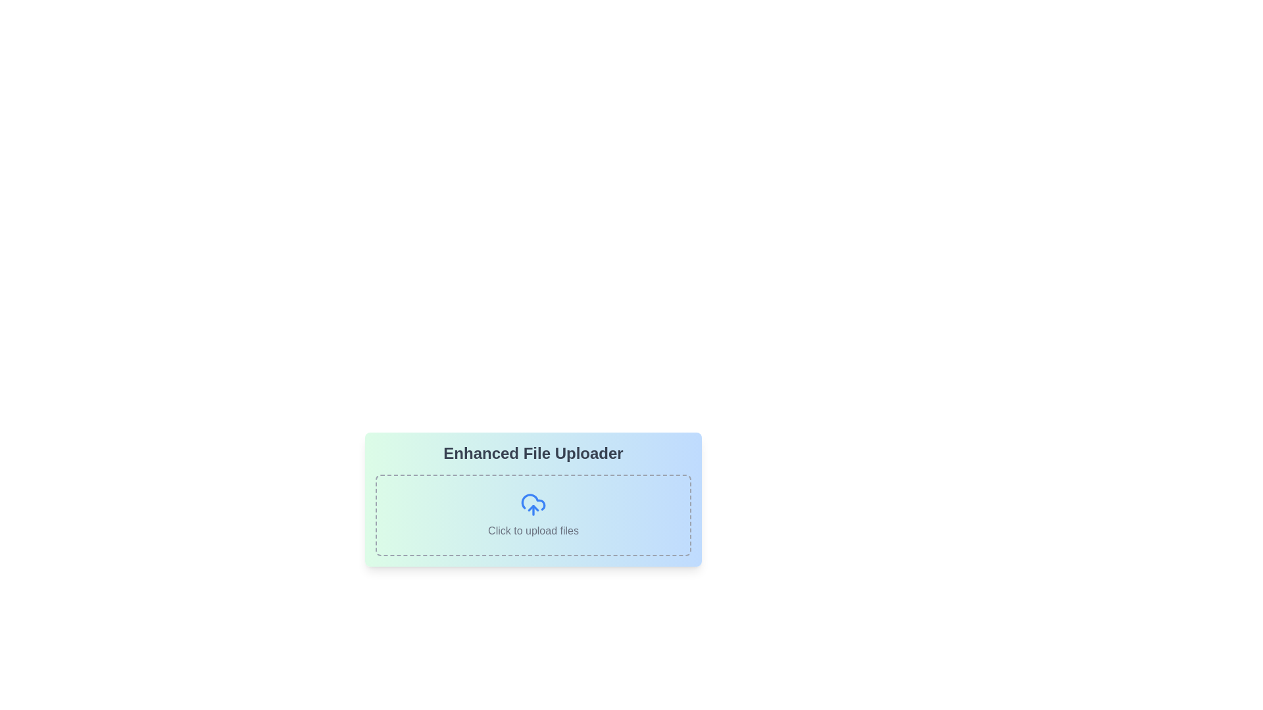 The width and height of the screenshot is (1263, 710). I want to click on the file upload icon located in the Enhanced File Uploader interface, positioned between an arrow graphic and the uploader box boundary, so click(533, 502).